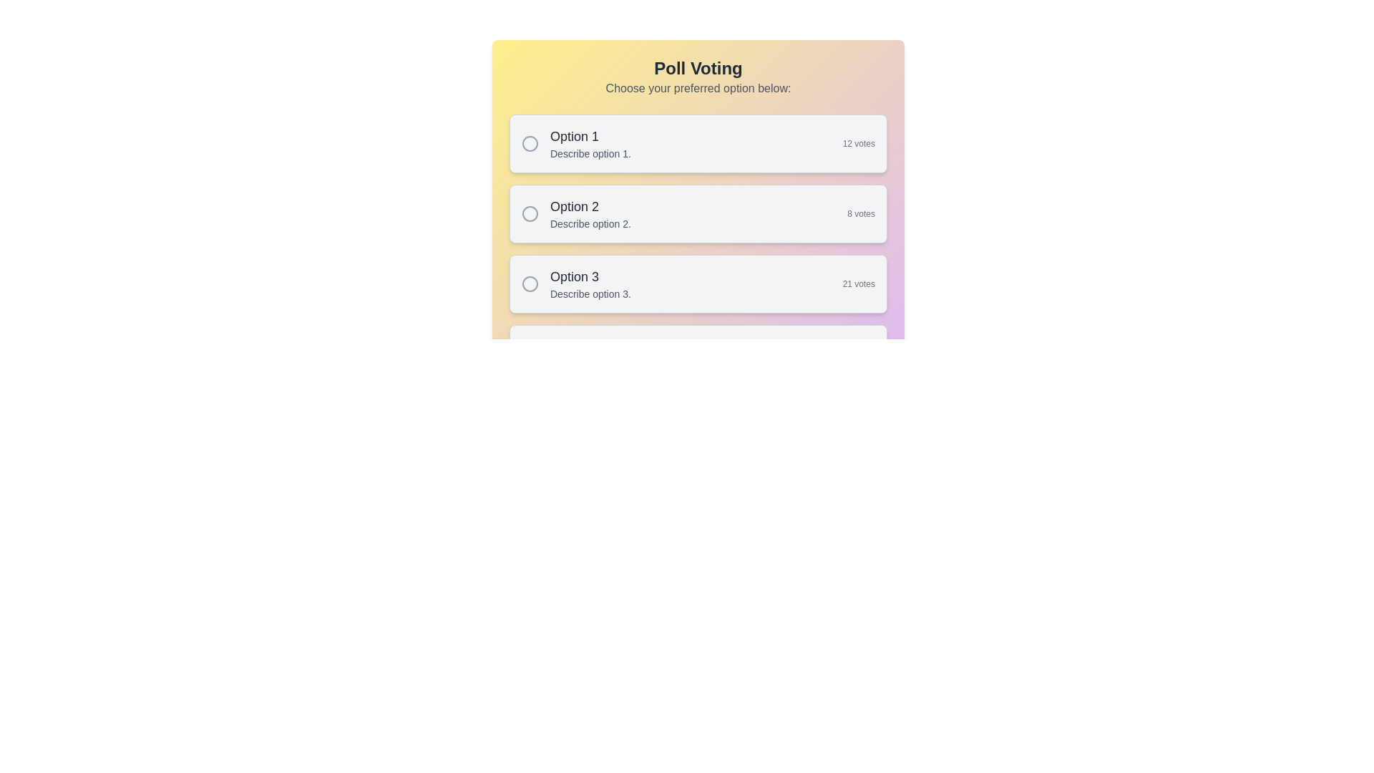 The width and height of the screenshot is (1374, 773). I want to click on the circular radio button with a gray border beside the text 'Option 2' in the poll voting interface, so click(529, 214).